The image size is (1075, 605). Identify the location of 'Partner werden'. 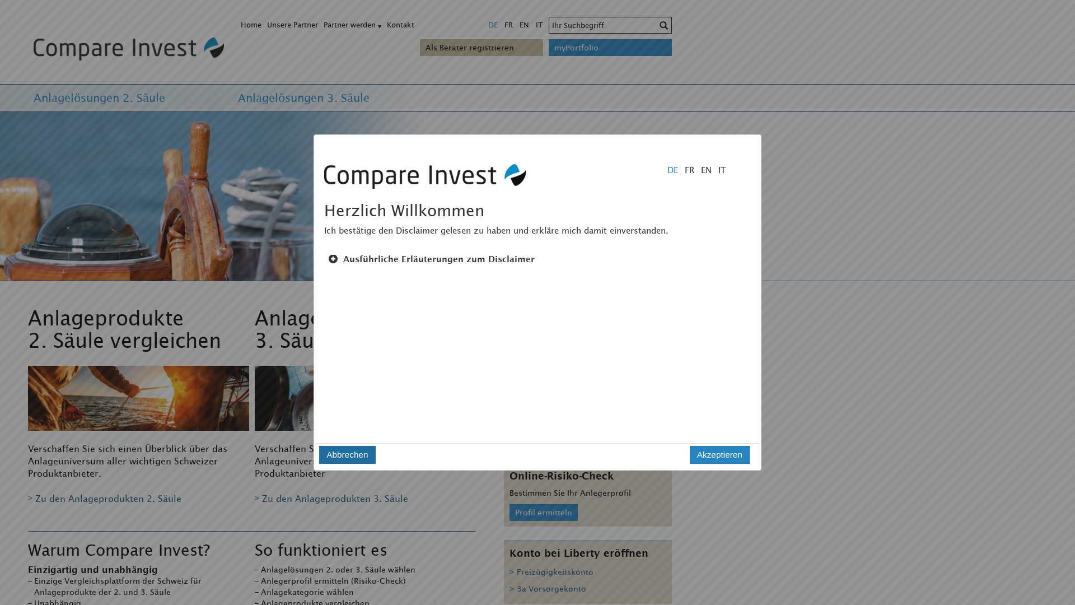
(349, 25).